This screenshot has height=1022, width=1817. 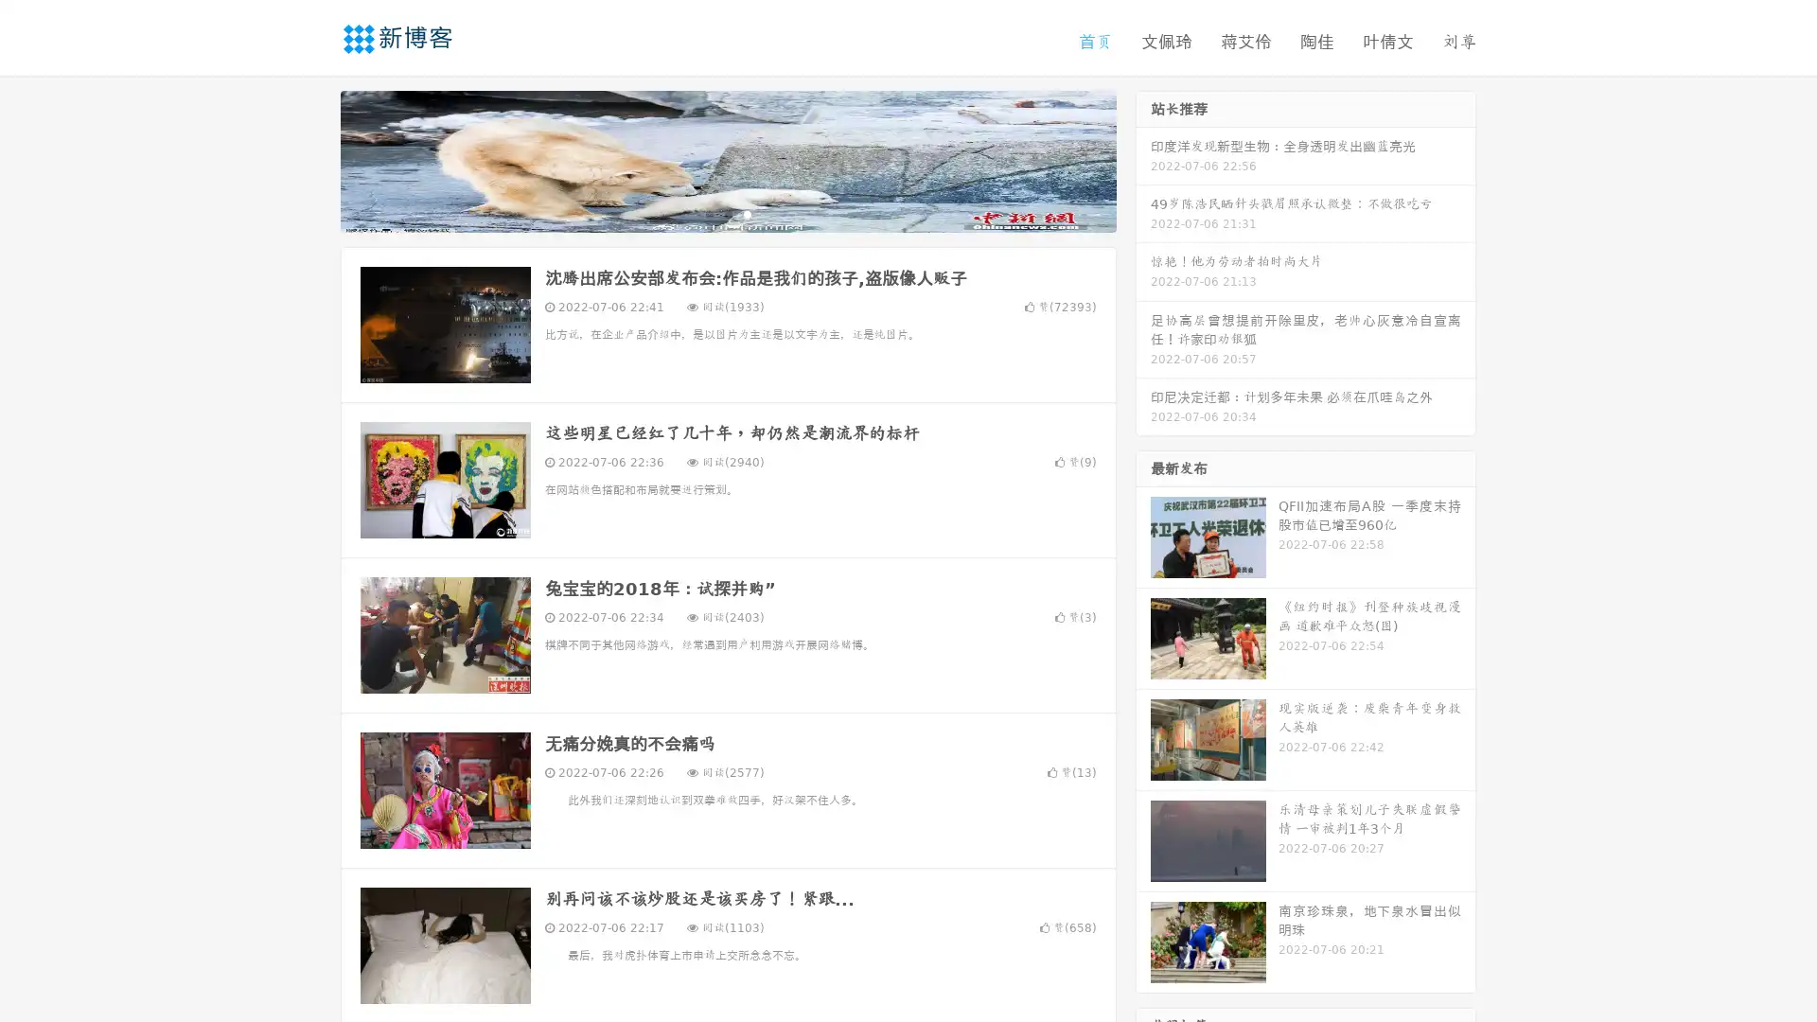 I want to click on Previous slide, so click(x=312, y=159).